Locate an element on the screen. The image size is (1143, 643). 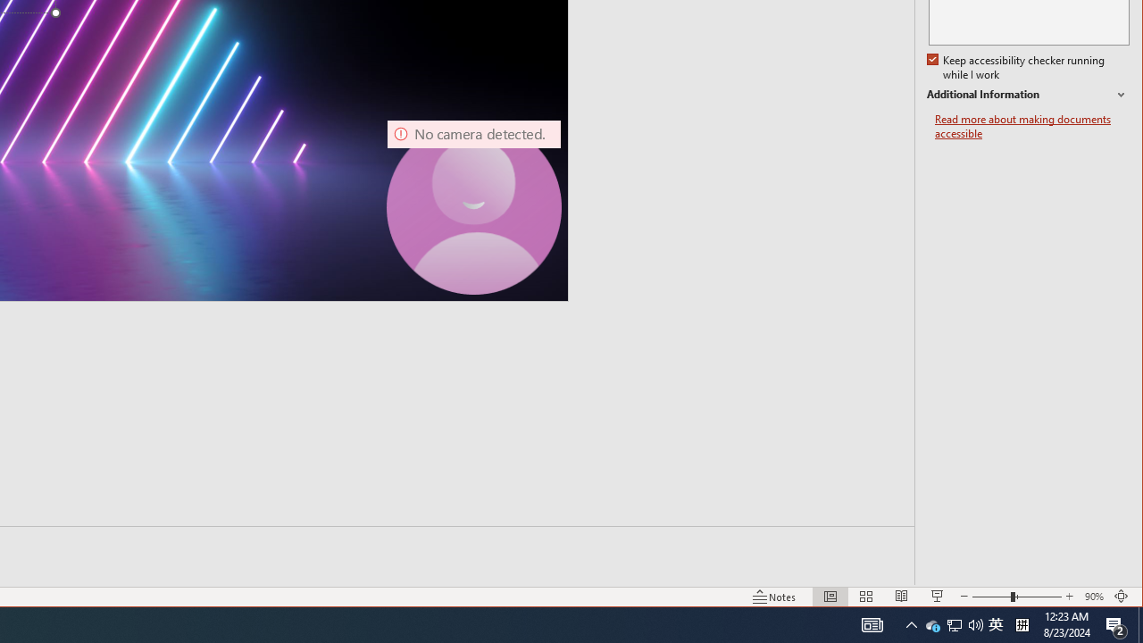
'Keep accessibility checker running while I work' is located at coordinates (1017, 67).